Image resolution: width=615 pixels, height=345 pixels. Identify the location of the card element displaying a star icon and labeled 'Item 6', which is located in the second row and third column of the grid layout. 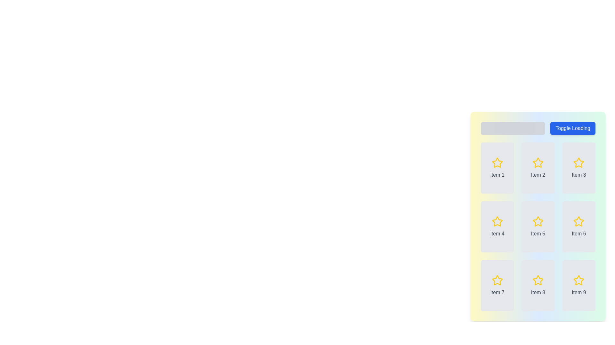
(579, 226).